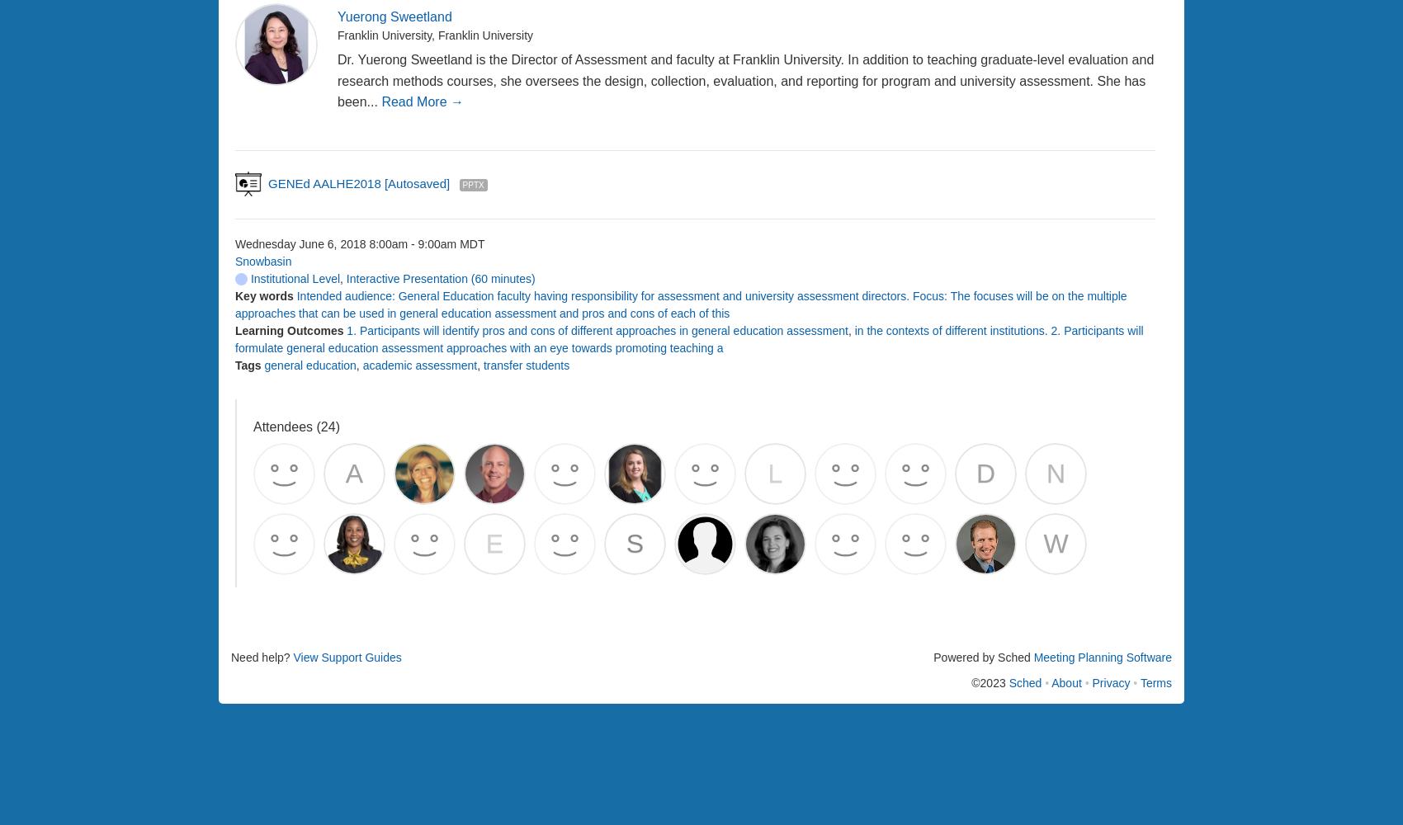 The width and height of the screenshot is (1403, 825). Describe the element at coordinates (435, 35) in the screenshot. I see `'Franklin University, Franklin University'` at that location.